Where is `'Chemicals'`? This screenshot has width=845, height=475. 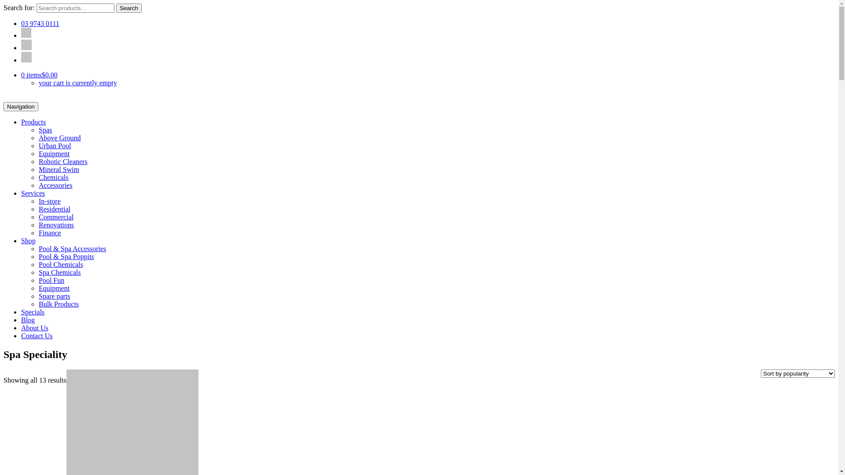
'Chemicals' is located at coordinates (38, 177).